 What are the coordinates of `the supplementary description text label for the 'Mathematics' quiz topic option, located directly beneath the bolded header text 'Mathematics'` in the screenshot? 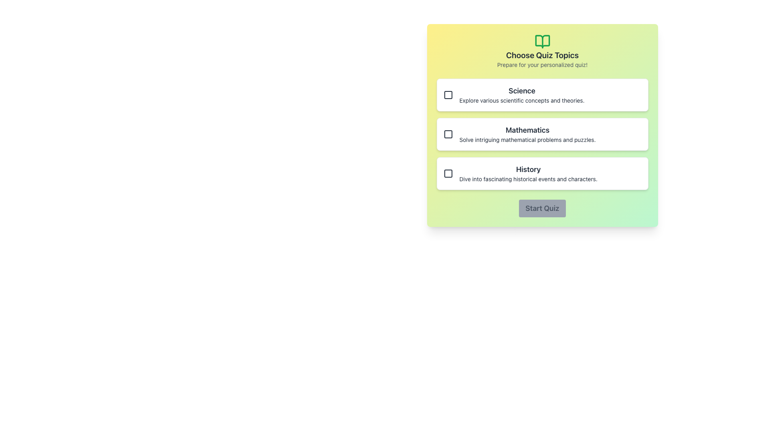 It's located at (527, 139).